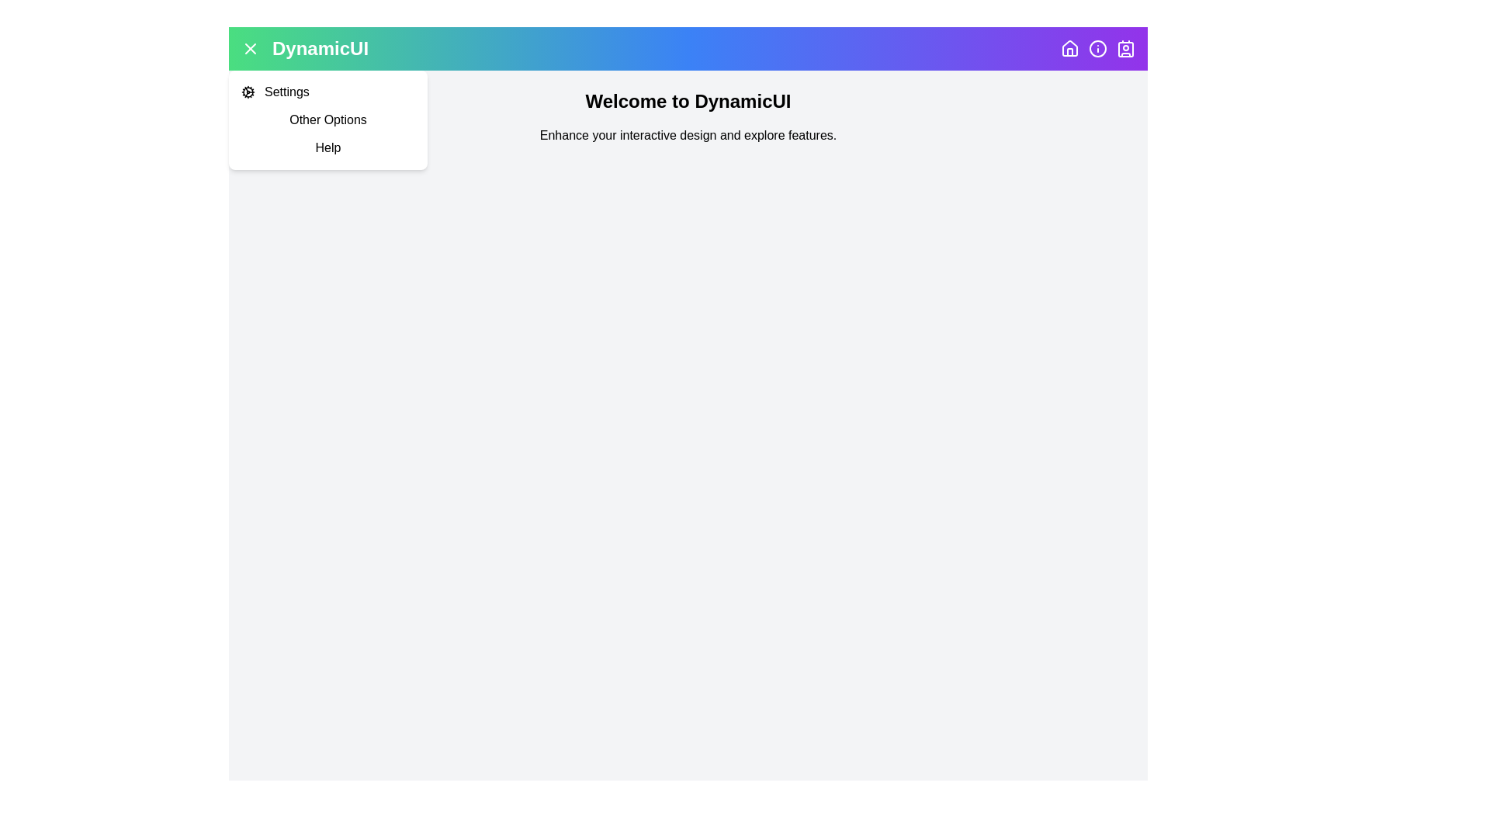 This screenshot has width=1490, height=838. I want to click on the cogwheel icon representing settings, located to the left of the 'Settings' text in the dropdown menu, so click(248, 92).